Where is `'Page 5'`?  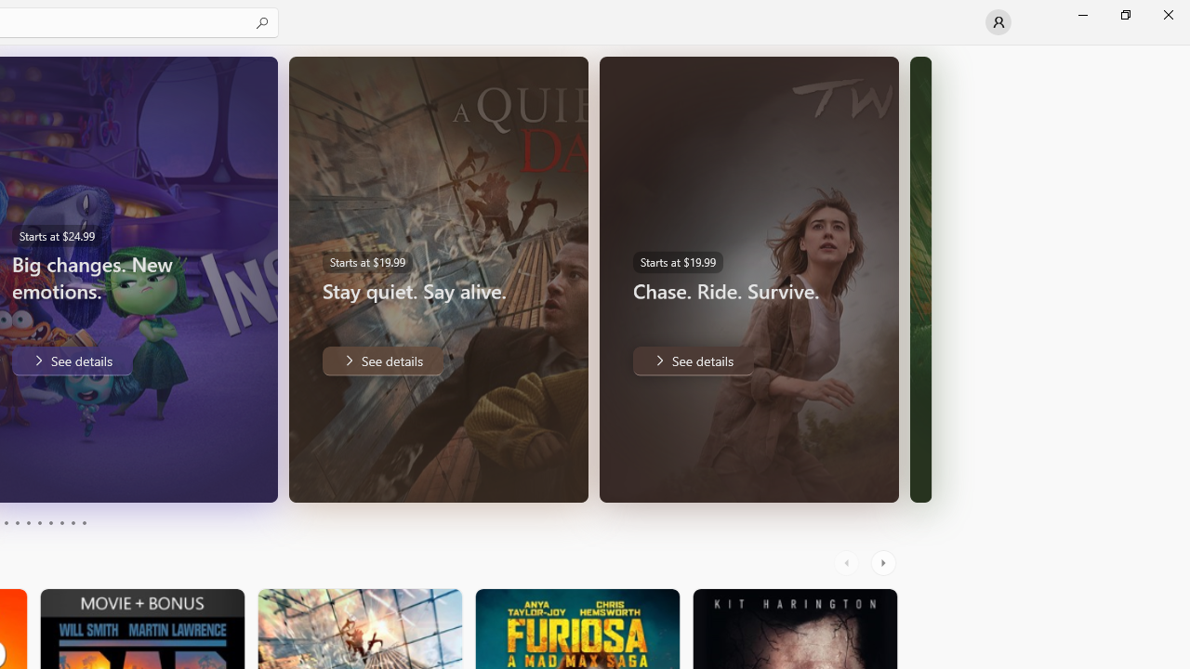 'Page 5' is located at coordinates (28, 523).